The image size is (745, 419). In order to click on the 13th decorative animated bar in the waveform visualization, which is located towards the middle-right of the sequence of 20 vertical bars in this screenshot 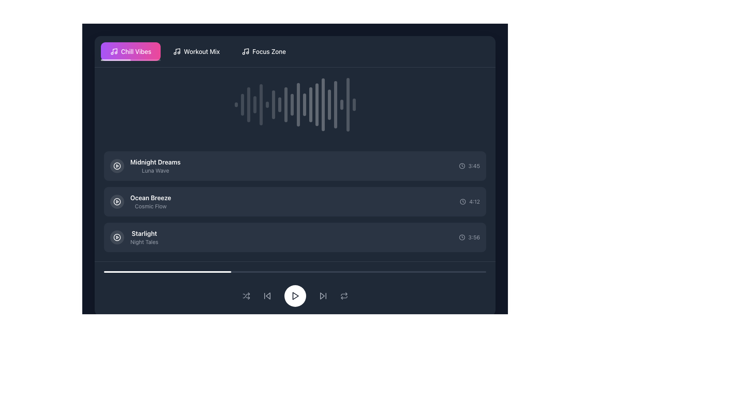, I will do `click(310, 105)`.